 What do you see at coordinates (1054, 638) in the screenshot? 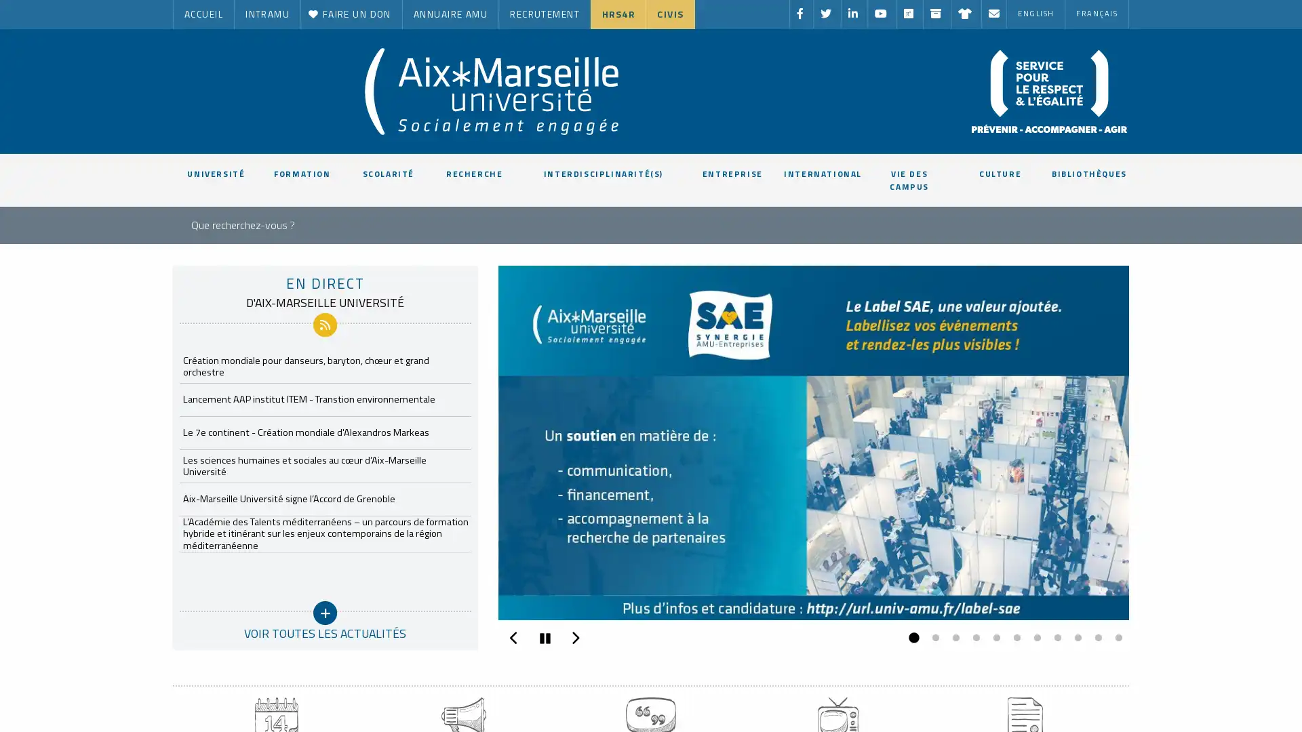
I see `Go to slide 8` at bounding box center [1054, 638].